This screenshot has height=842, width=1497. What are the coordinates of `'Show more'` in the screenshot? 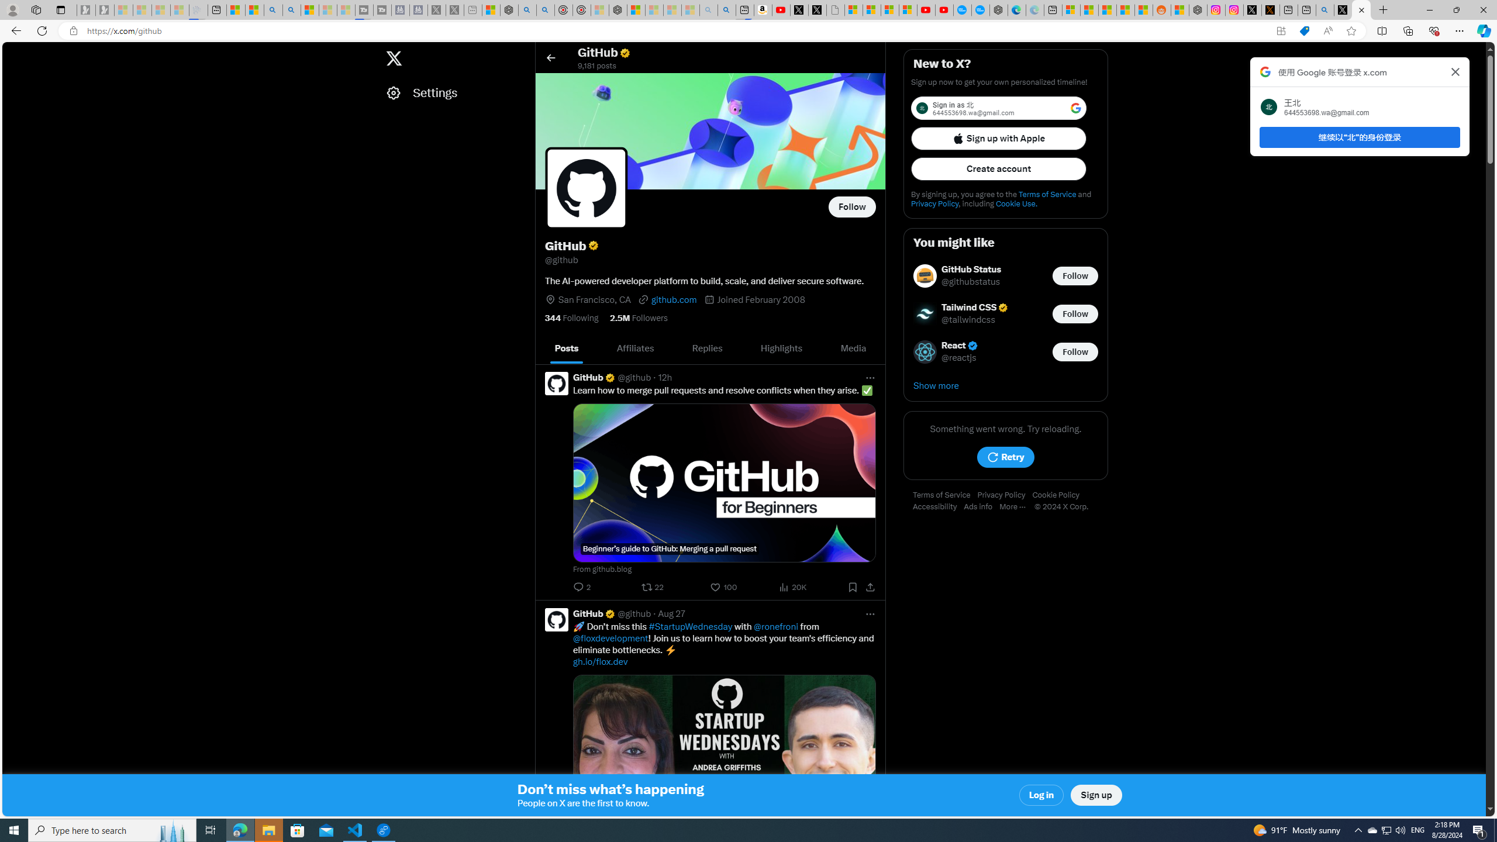 It's located at (1006, 385).